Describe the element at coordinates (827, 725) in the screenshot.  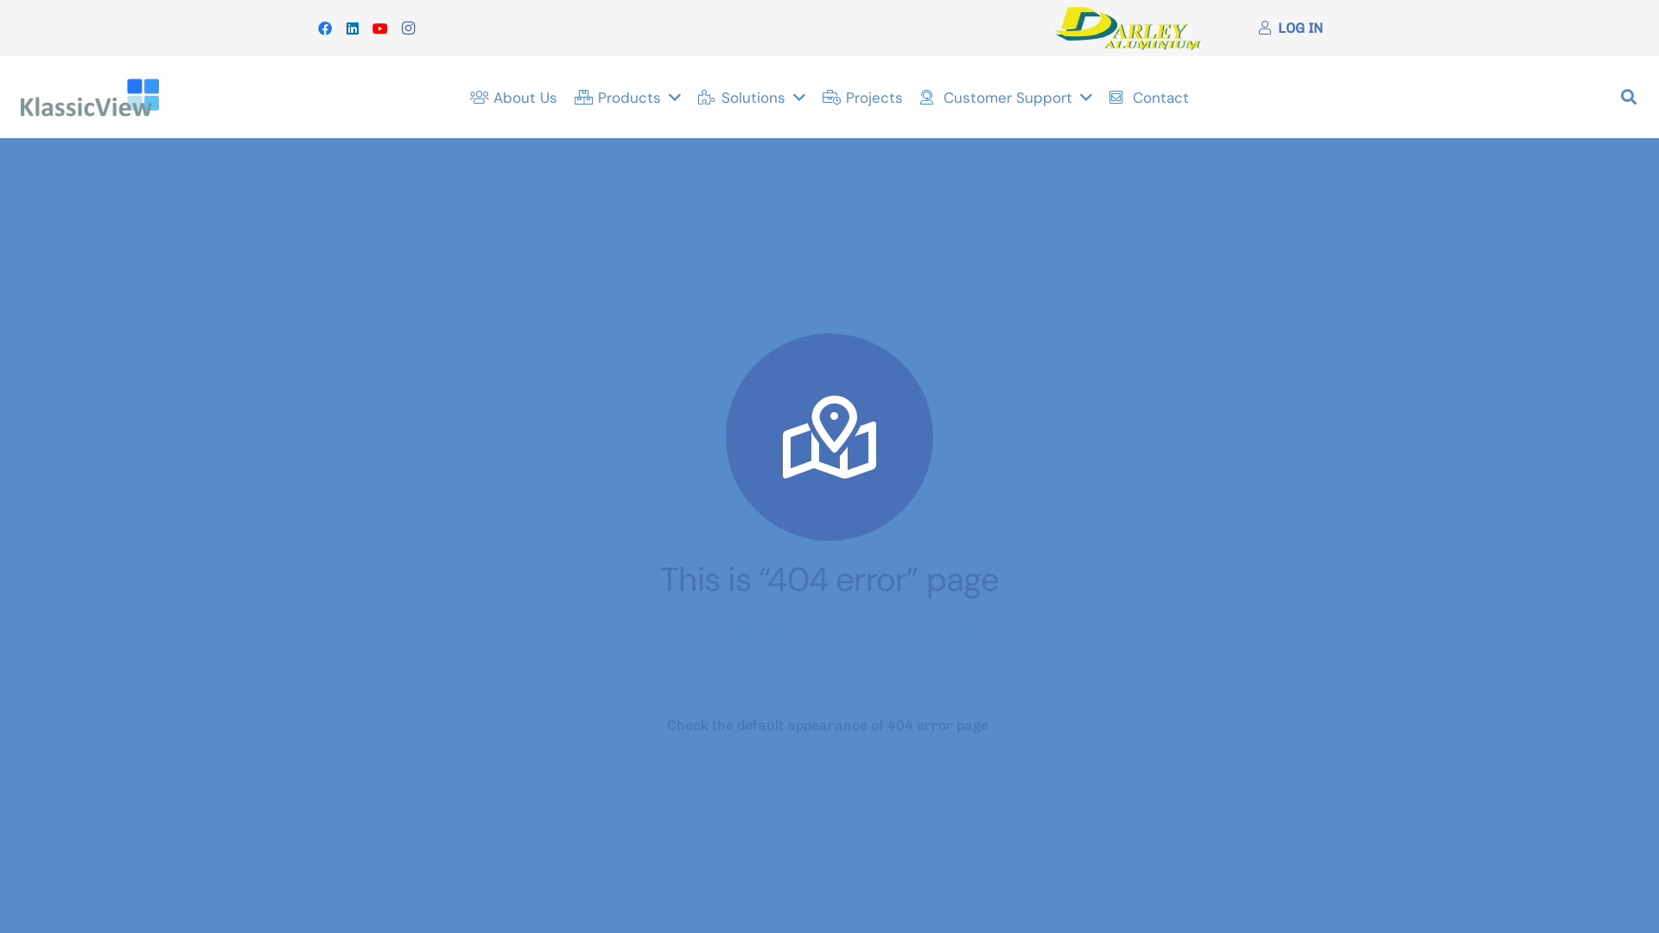
I see `'Check the default appearance of 404 error page'` at that location.